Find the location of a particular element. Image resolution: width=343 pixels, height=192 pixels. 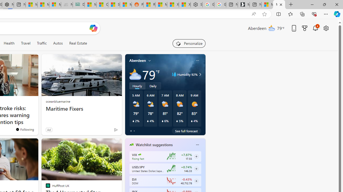

'Autos' is located at coordinates (58, 43).